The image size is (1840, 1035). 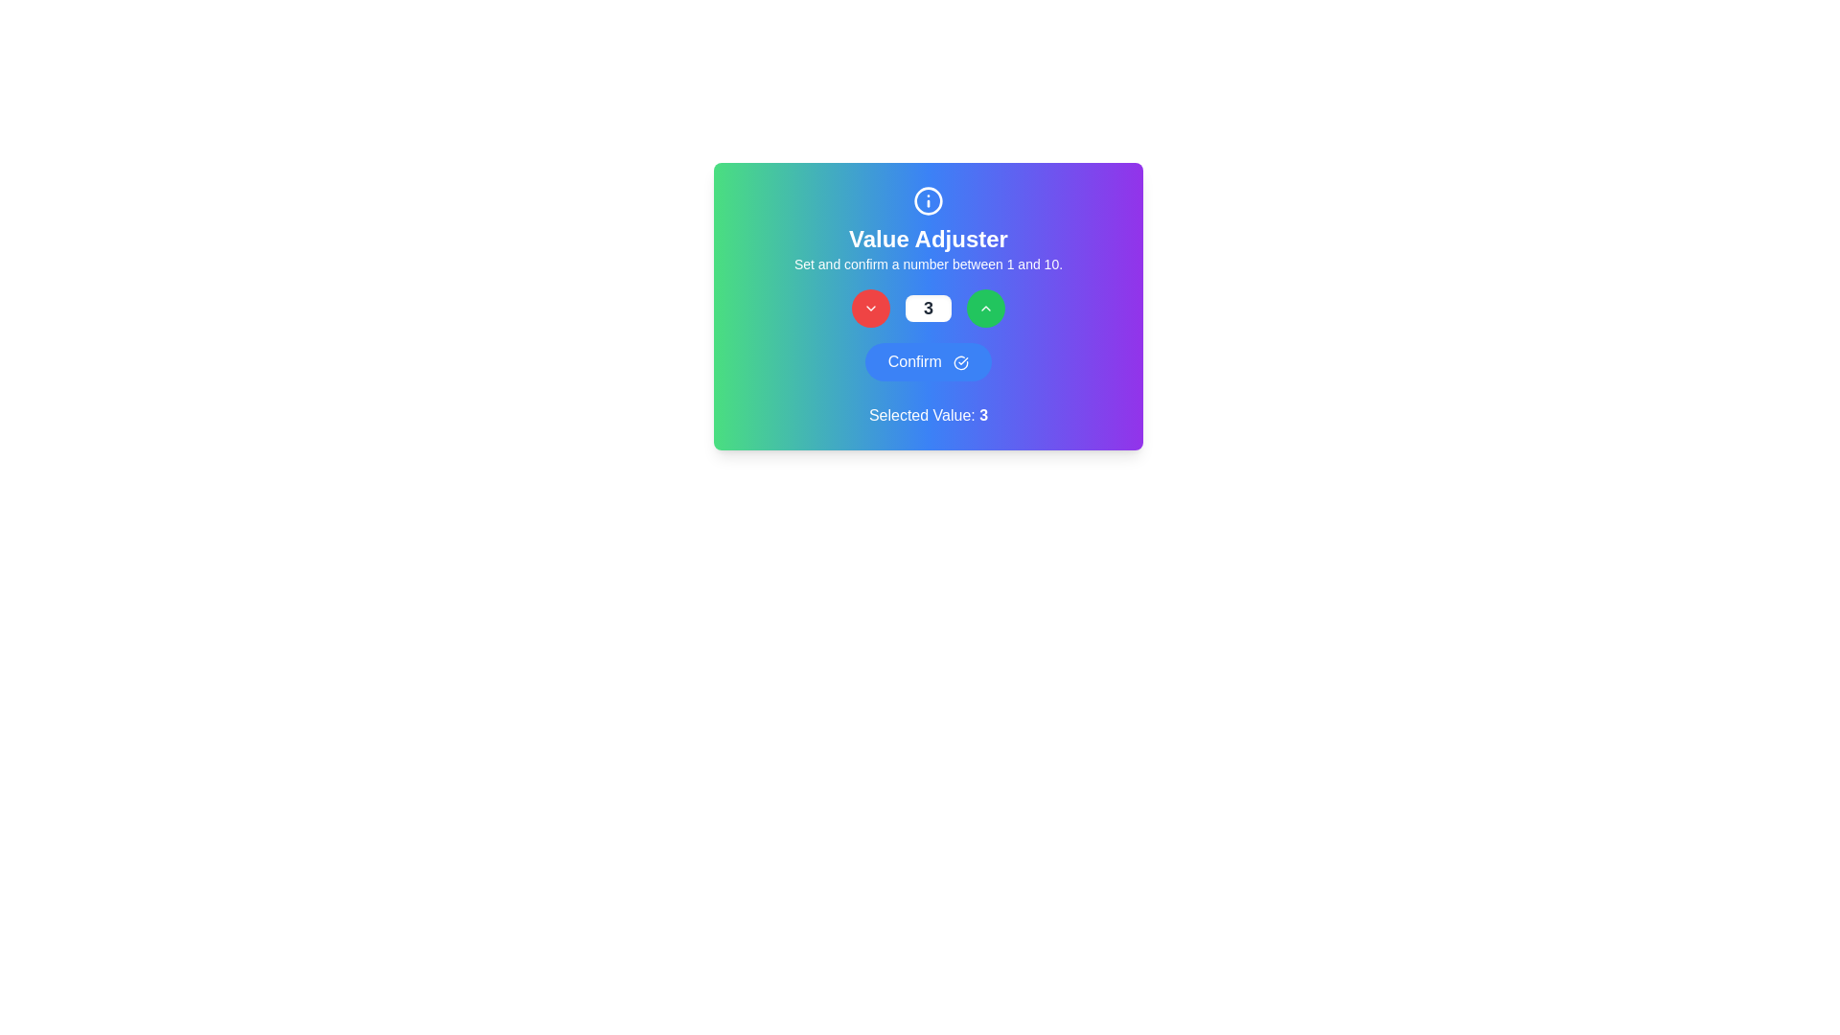 I want to click on the text label that instructs 'Set and confirm a number between 1 and 10.', which is located below the heading 'Value Adjuster' and above the number adjustment controls, so click(x=929, y=264).